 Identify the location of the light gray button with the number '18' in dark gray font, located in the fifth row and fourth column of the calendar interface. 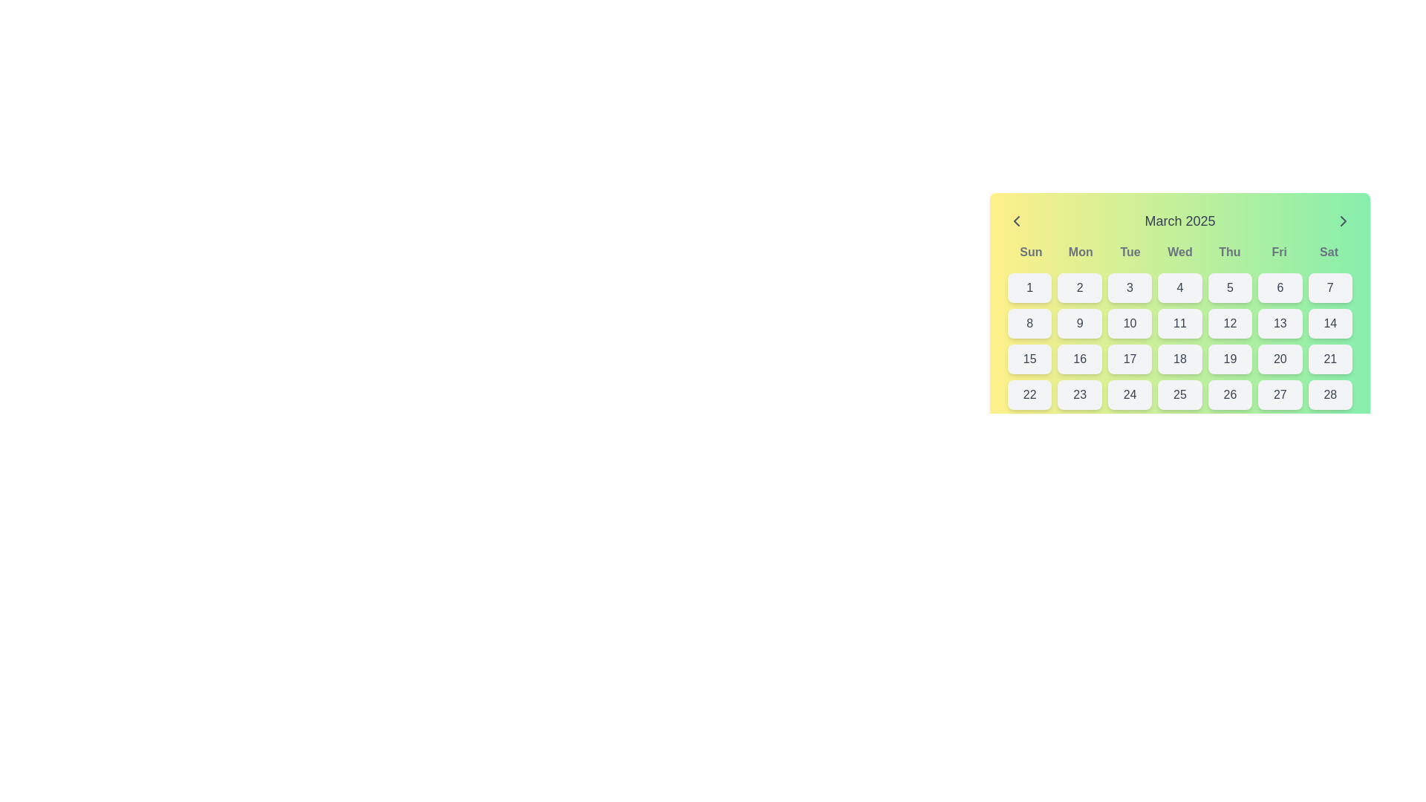
(1179, 359).